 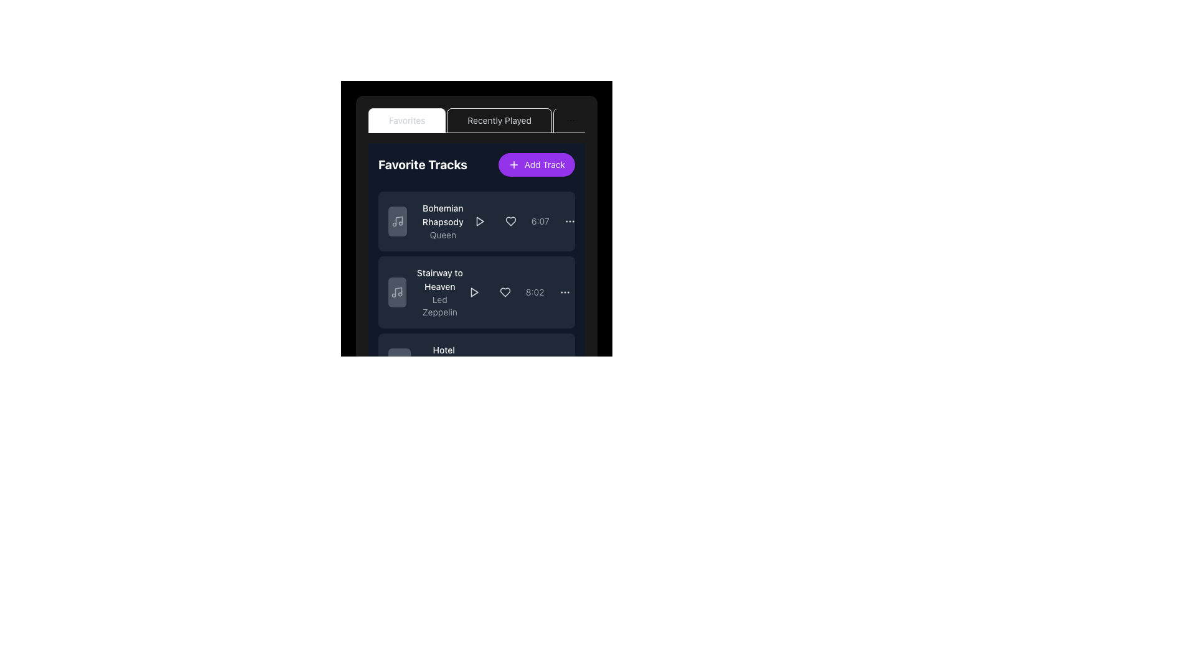 What do you see at coordinates (540, 220) in the screenshot?
I see `the static label that displays the total duration of the 'Bohemian Rhapsody' track, located on the right side of the corresponding list item, adjacent to interactive buttons and before the options menu icon` at bounding box center [540, 220].